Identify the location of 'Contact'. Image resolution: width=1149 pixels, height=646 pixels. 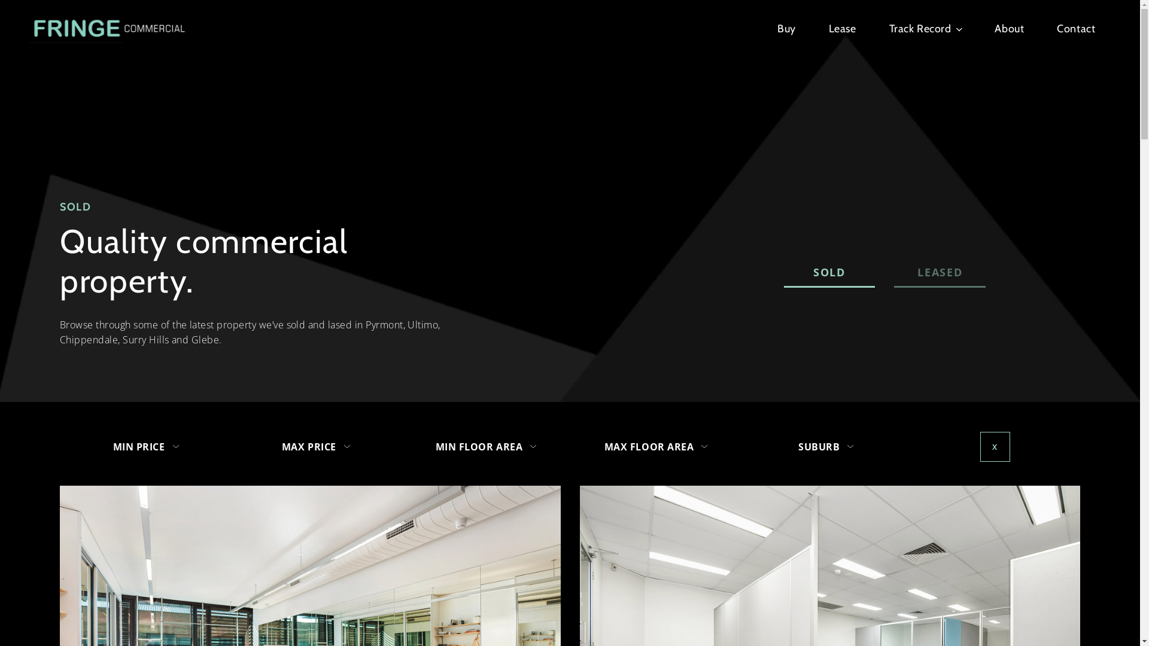
(1076, 28).